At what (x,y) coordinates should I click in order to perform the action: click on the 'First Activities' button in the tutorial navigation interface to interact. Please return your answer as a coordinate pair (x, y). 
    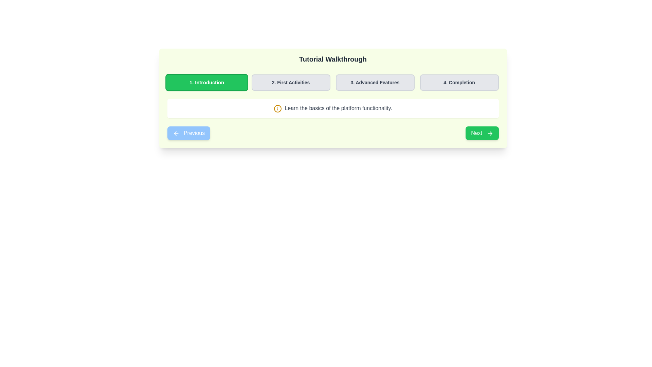
    Looking at the image, I should click on (291, 82).